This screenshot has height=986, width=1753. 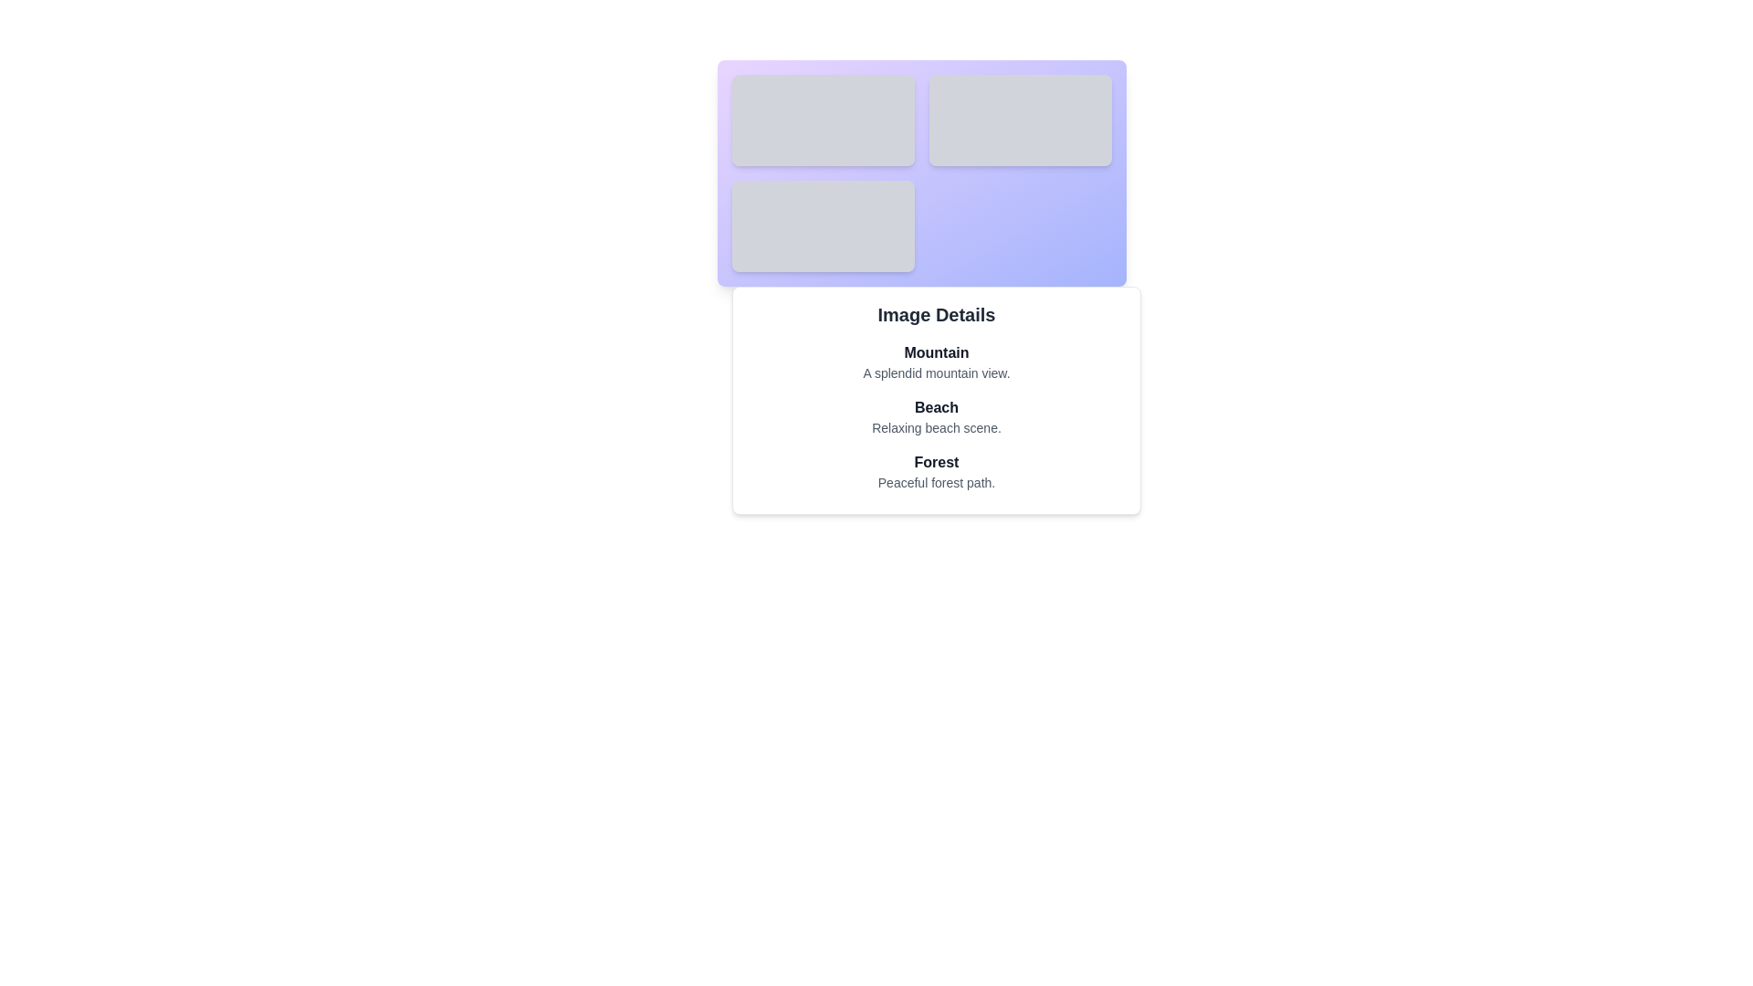 I want to click on the card-like UI element located at the top portion of the interface, centered horizontally, above the 'Image Details' section, so click(x=921, y=173).